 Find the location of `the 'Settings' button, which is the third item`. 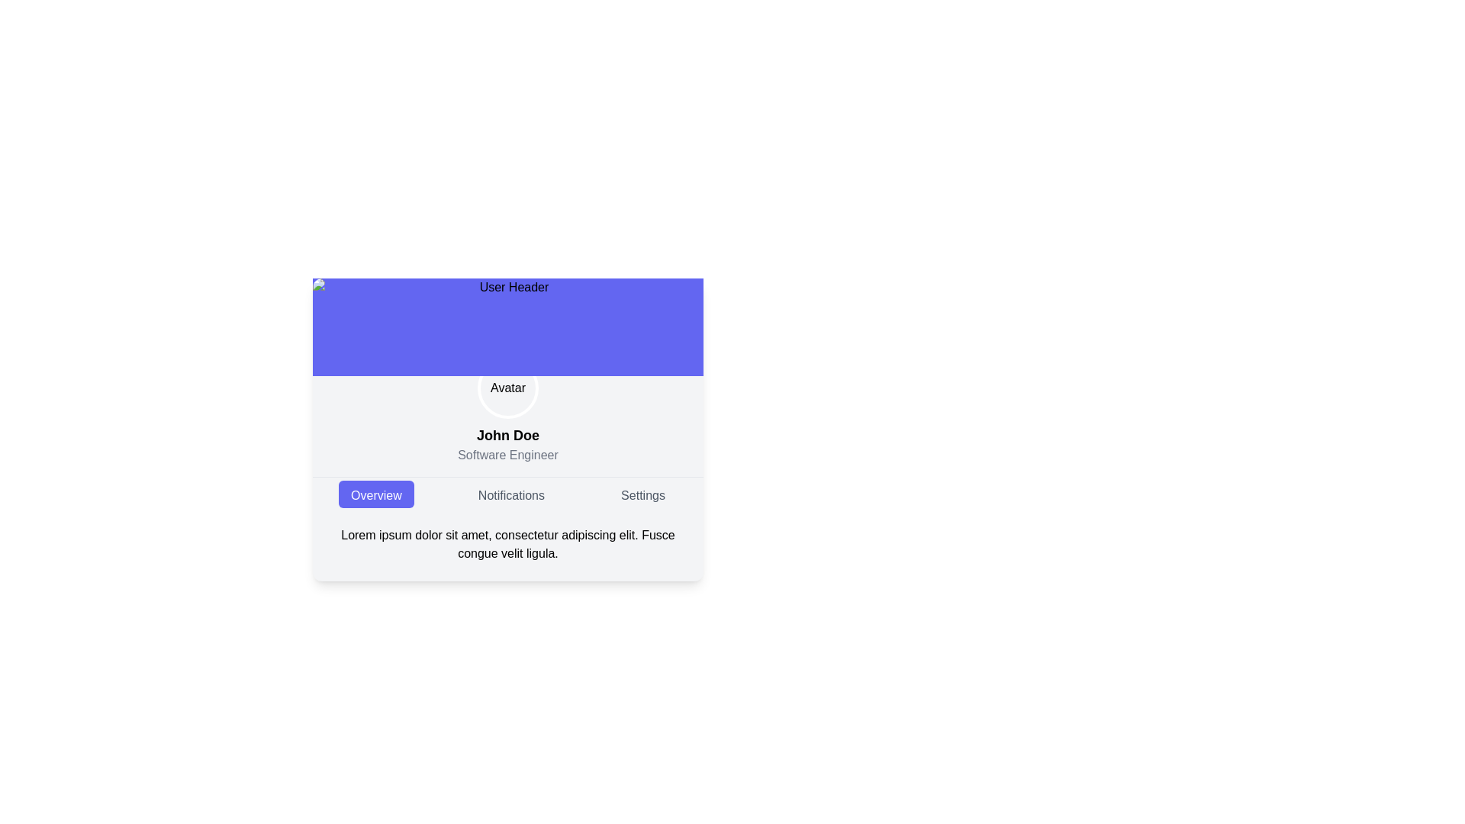

the 'Settings' button, which is the third item is located at coordinates (643, 494).